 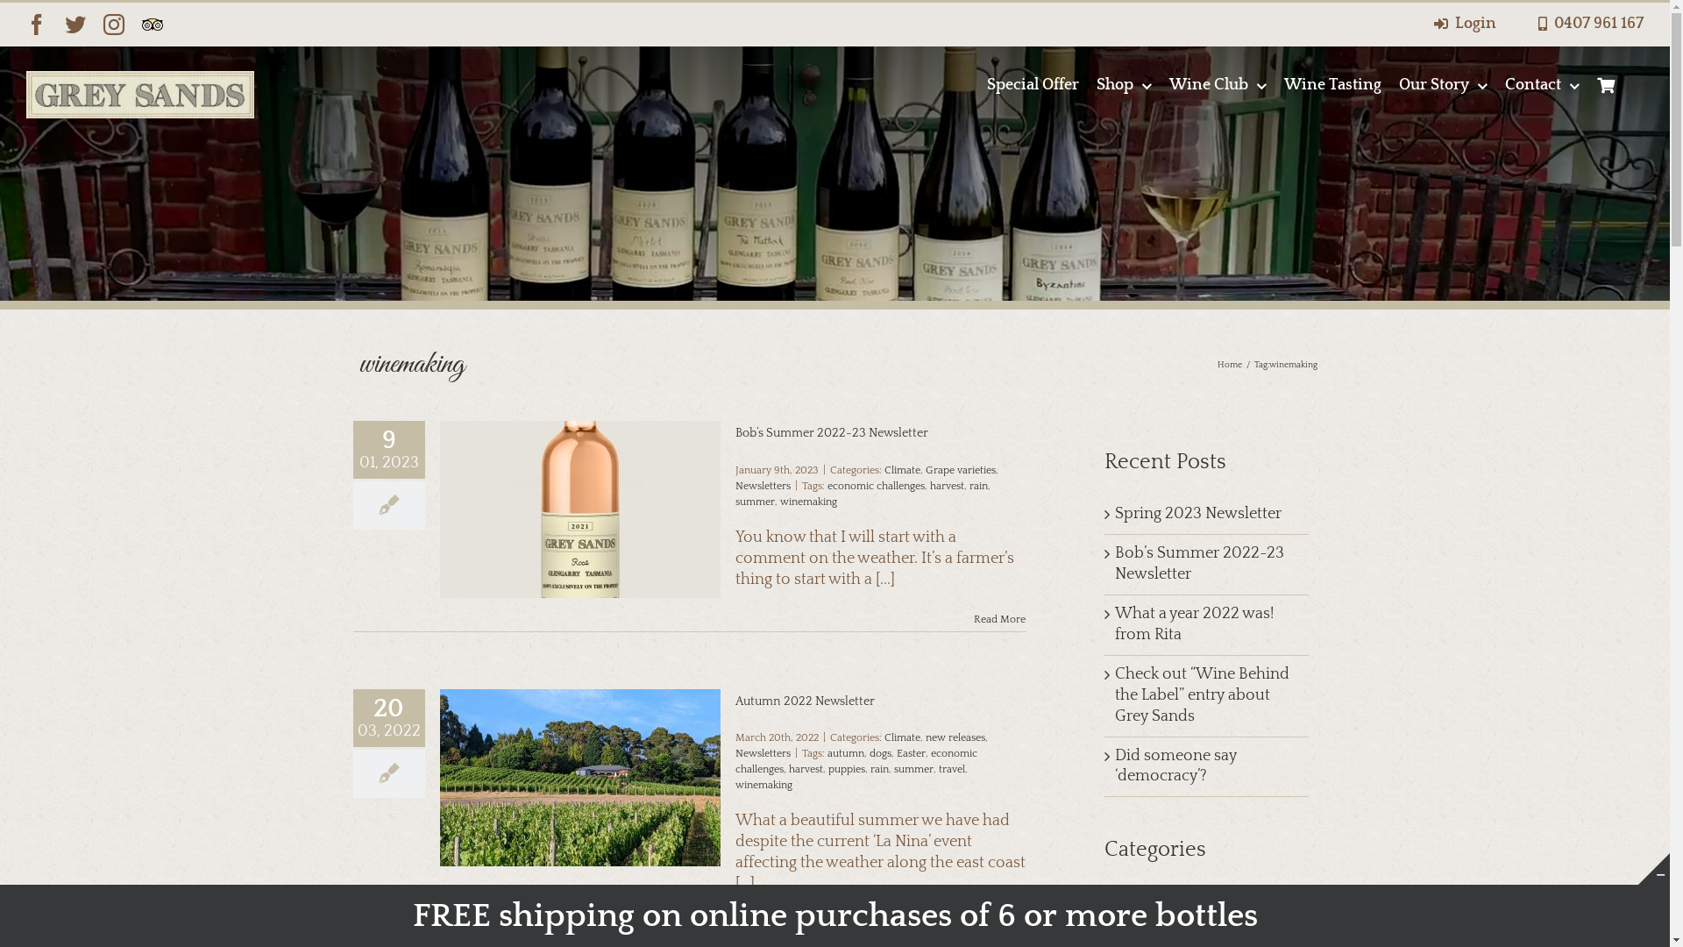 I want to click on 'Climate', so click(x=901, y=469).